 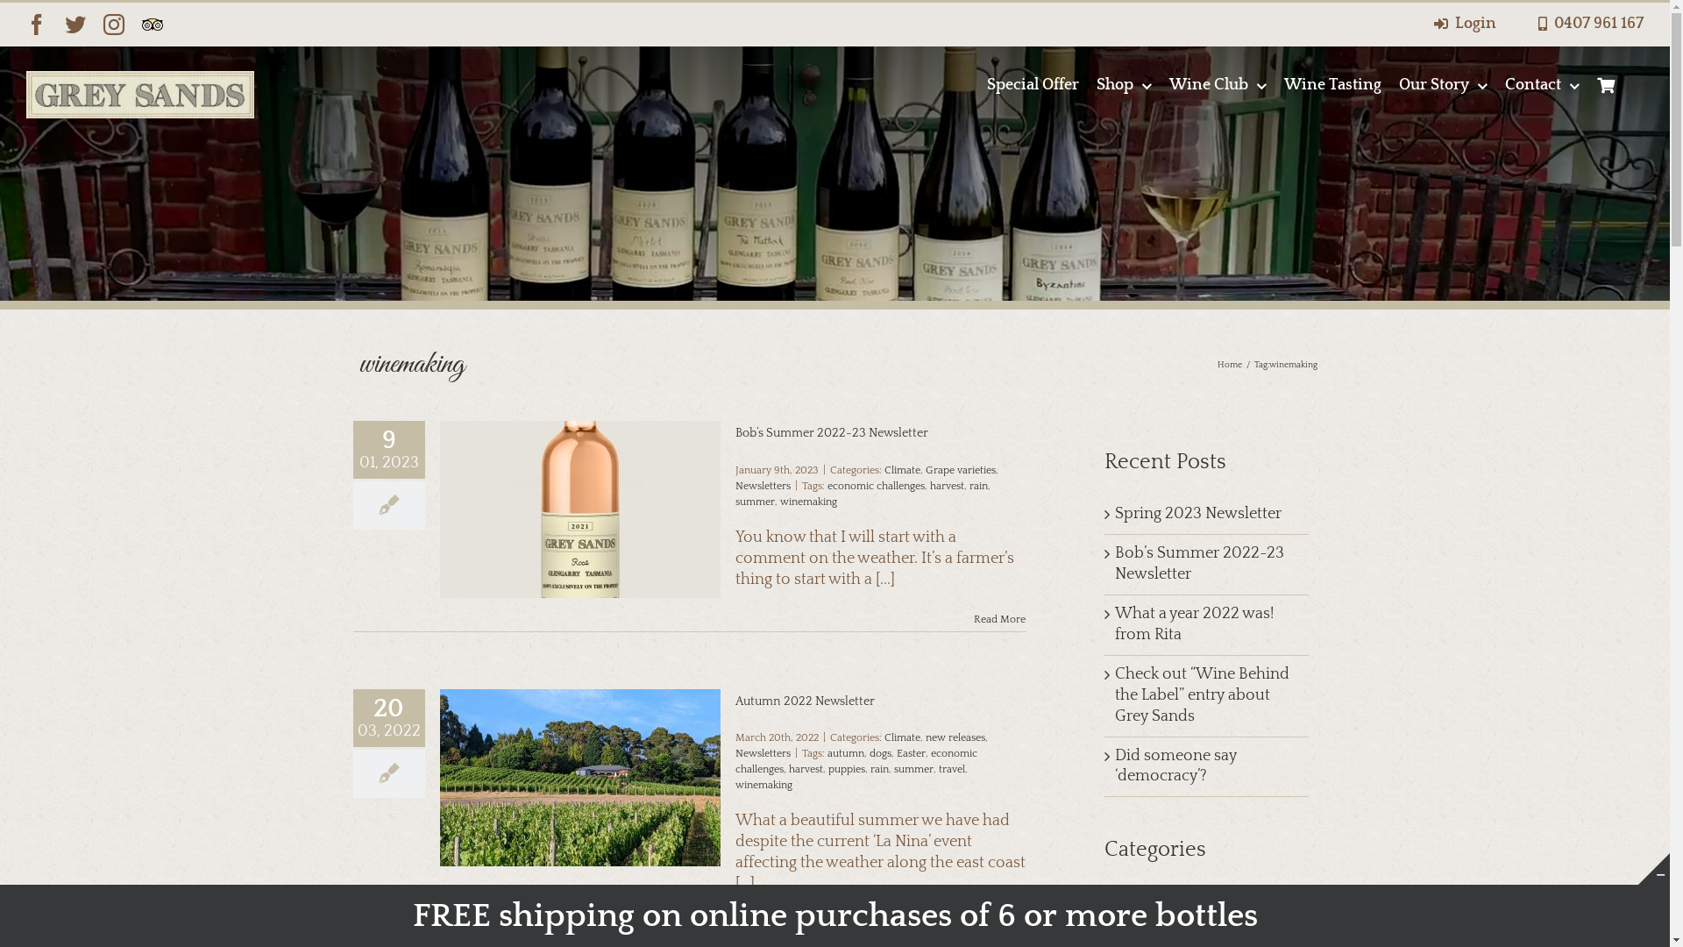 I want to click on 'Climate', so click(x=901, y=469).